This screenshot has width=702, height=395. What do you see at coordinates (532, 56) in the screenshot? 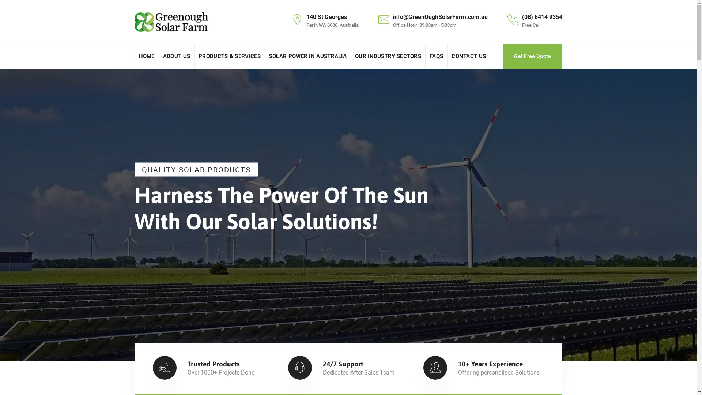
I see `'Get Free Quote'` at bounding box center [532, 56].